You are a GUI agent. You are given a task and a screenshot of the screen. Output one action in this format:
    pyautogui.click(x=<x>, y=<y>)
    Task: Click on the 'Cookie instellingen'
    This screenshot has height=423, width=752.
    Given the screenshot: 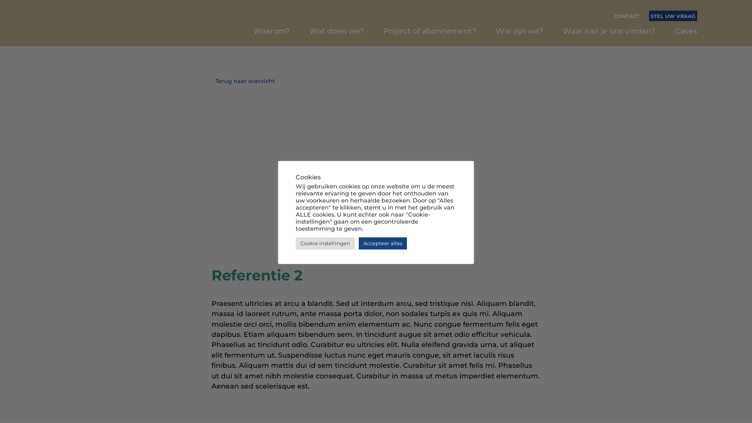 What is the action you would take?
    pyautogui.click(x=325, y=243)
    